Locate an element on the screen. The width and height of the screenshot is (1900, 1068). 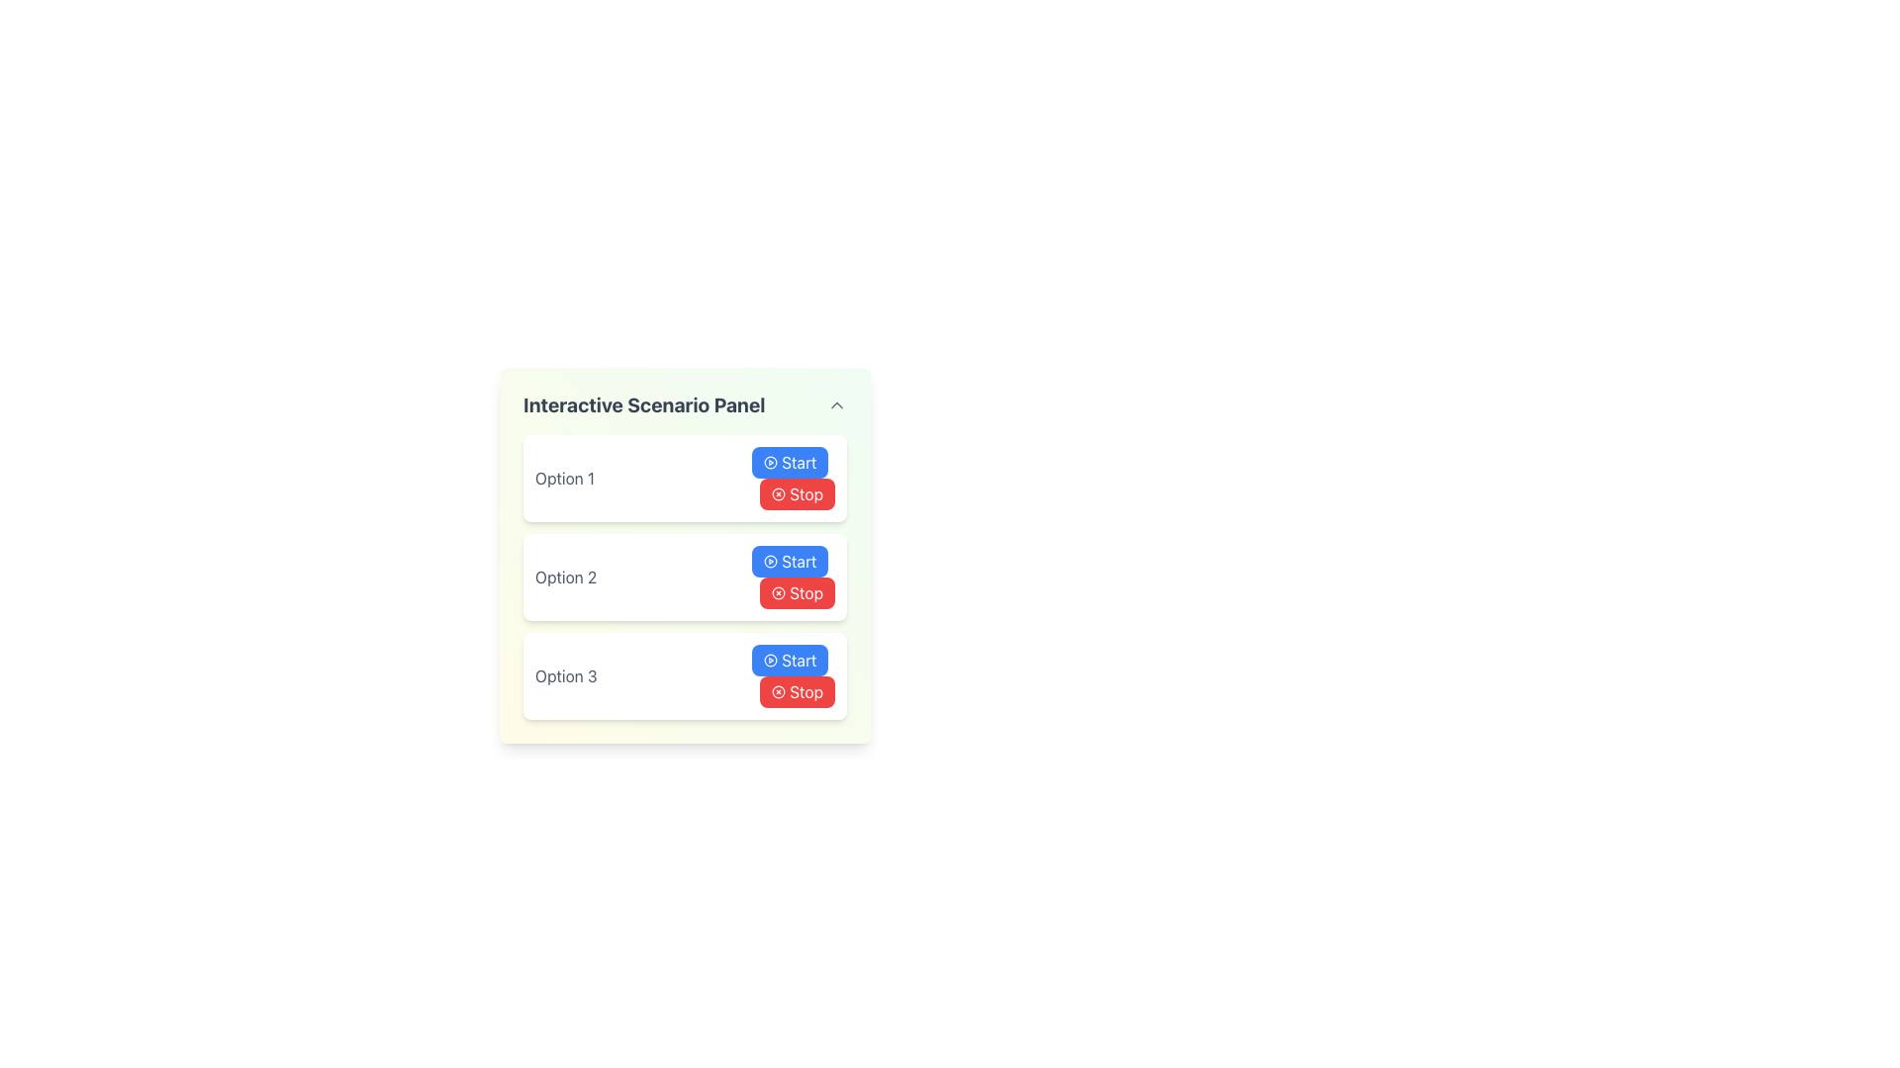
the 'Start' button within the Button Group of the 'Option 3' scenario in the Interactive Scenario Panel is located at coordinates (793, 674).